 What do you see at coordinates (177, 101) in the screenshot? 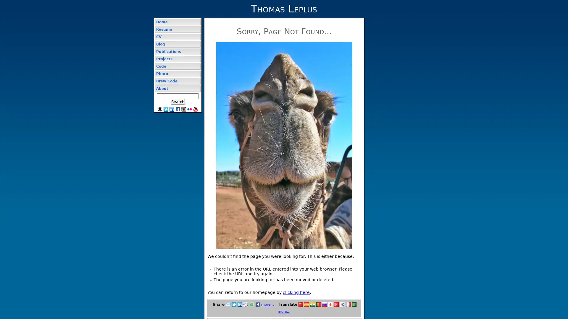
I see `Search` at bounding box center [177, 101].